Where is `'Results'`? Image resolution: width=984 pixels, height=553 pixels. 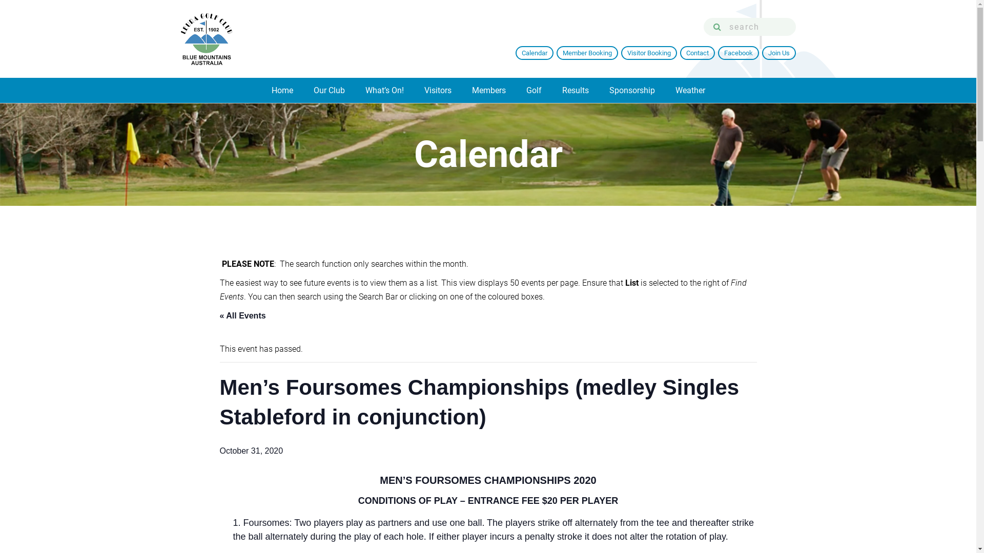
'Results' is located at coordinates (550, 90).